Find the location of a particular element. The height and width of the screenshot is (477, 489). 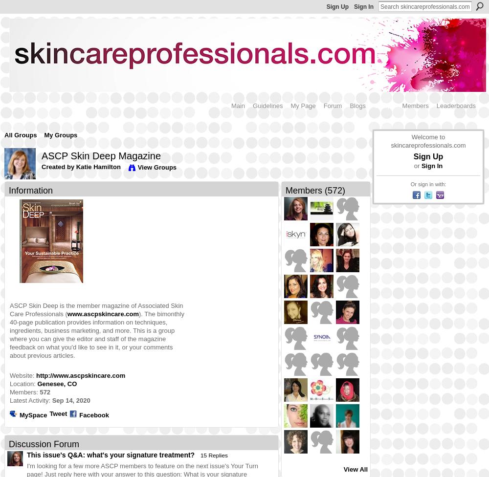

'Or sign in with:' is located at coordinates (428, 184).